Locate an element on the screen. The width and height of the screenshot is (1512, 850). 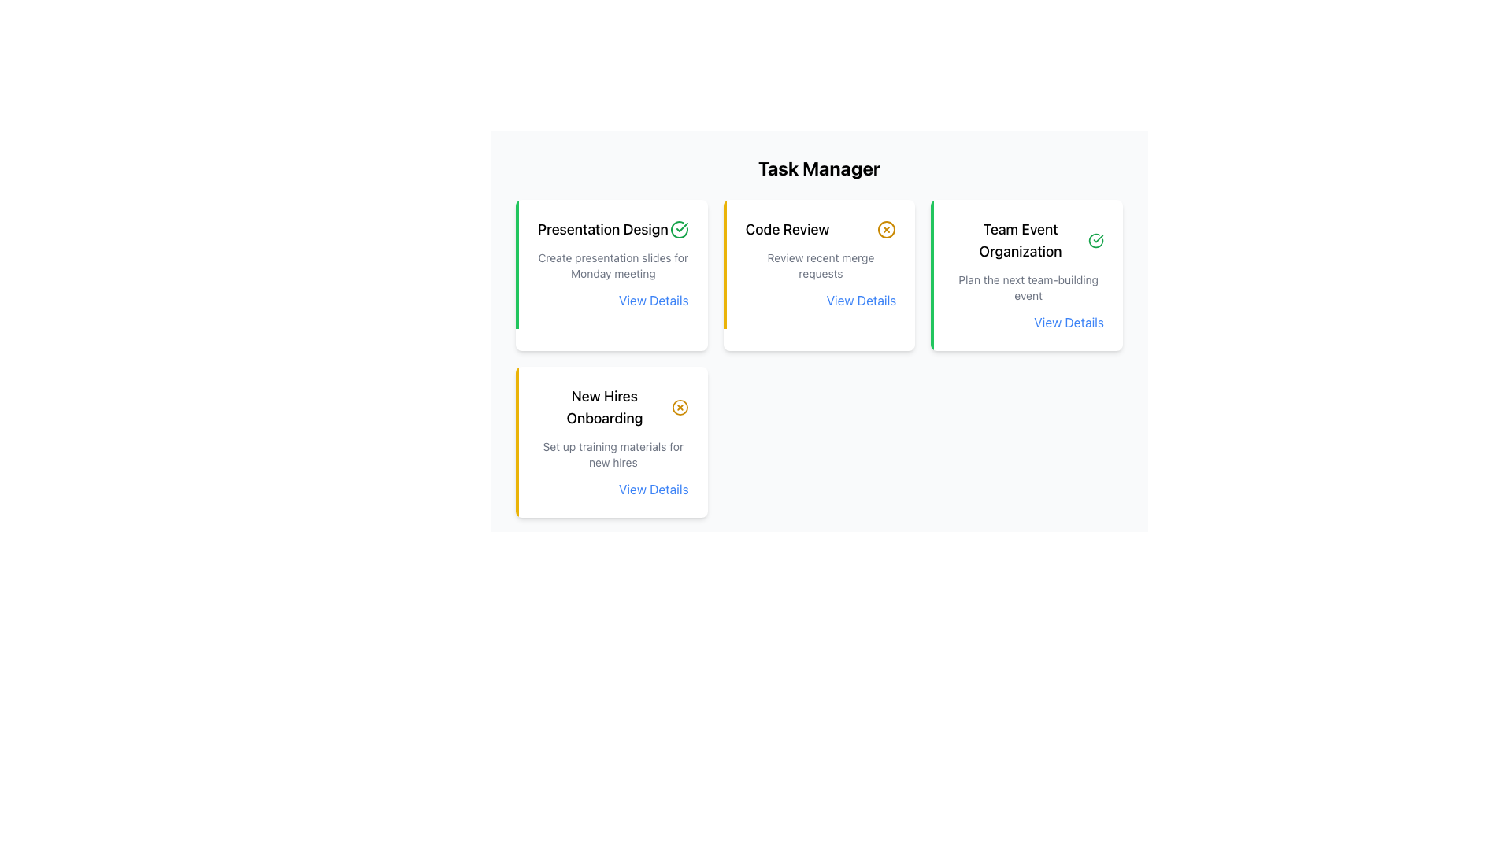
the text label displaying 'Team Event Organization', which is located in the upper-right card of the interface grid is located at coordinates (1021, 240).